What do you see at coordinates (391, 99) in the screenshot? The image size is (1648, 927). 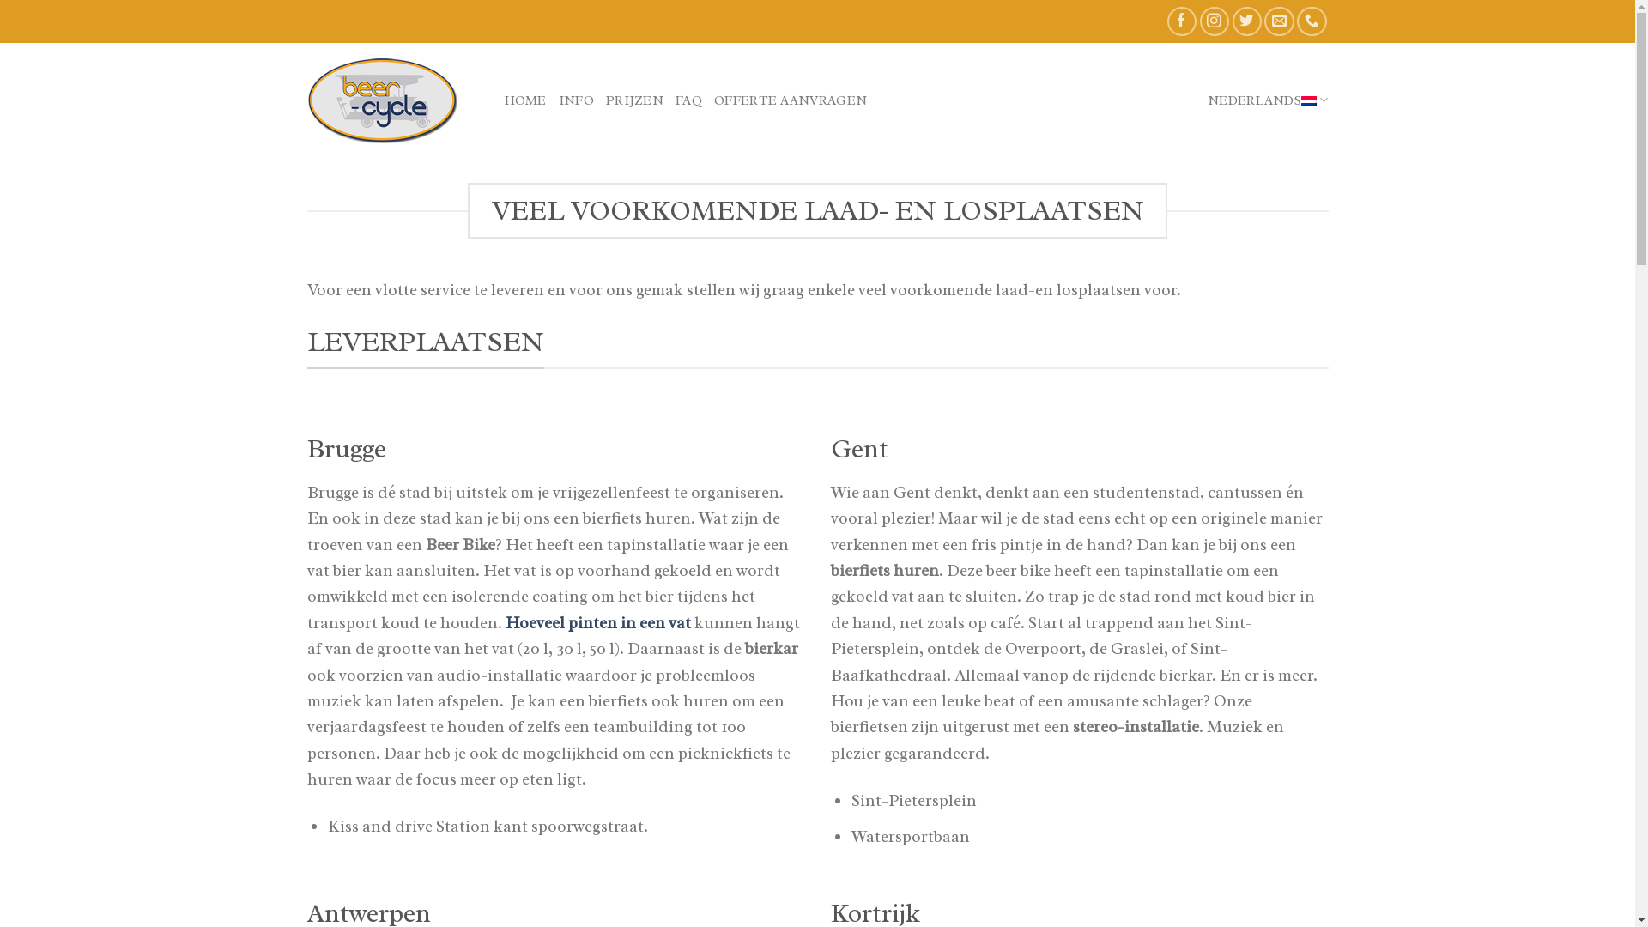 I see `'Beer-cycle - Verhuur van bierfietsen'` at bounding box center [391, 99].